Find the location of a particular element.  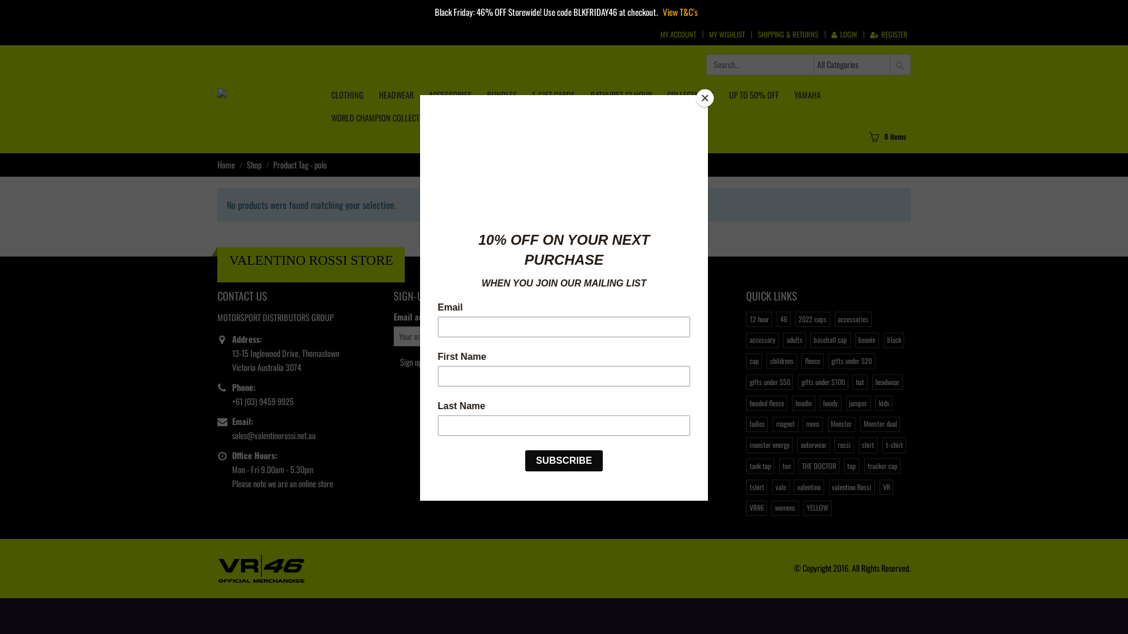

'vale' is located at coordinates (780, 487).